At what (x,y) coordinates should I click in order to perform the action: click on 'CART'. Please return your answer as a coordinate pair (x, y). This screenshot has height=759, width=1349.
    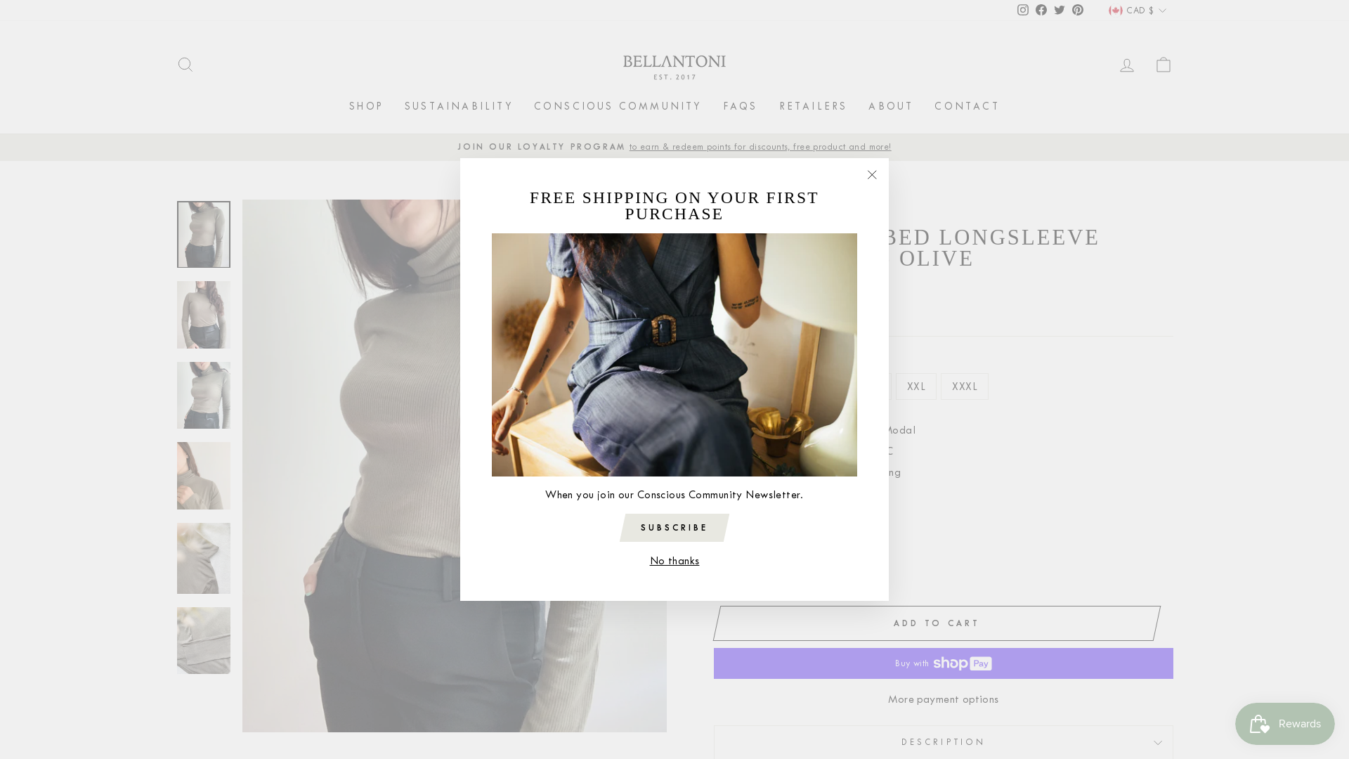
    Looking at the image, I should click on (1164, 65).